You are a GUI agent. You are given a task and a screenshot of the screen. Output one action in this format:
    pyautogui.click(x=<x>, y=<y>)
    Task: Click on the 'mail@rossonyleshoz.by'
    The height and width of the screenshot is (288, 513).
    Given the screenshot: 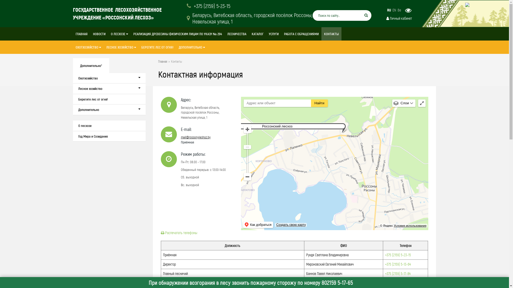 What is the action you would take?
    pyautogui.click(x=181, y=137)
    